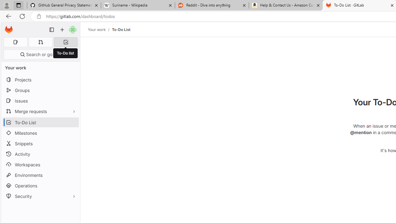 This screenshot has height=223, width=396. Describe the element at coordinates (96, 29) in the screenshot. I see `'Your work'` at that location.